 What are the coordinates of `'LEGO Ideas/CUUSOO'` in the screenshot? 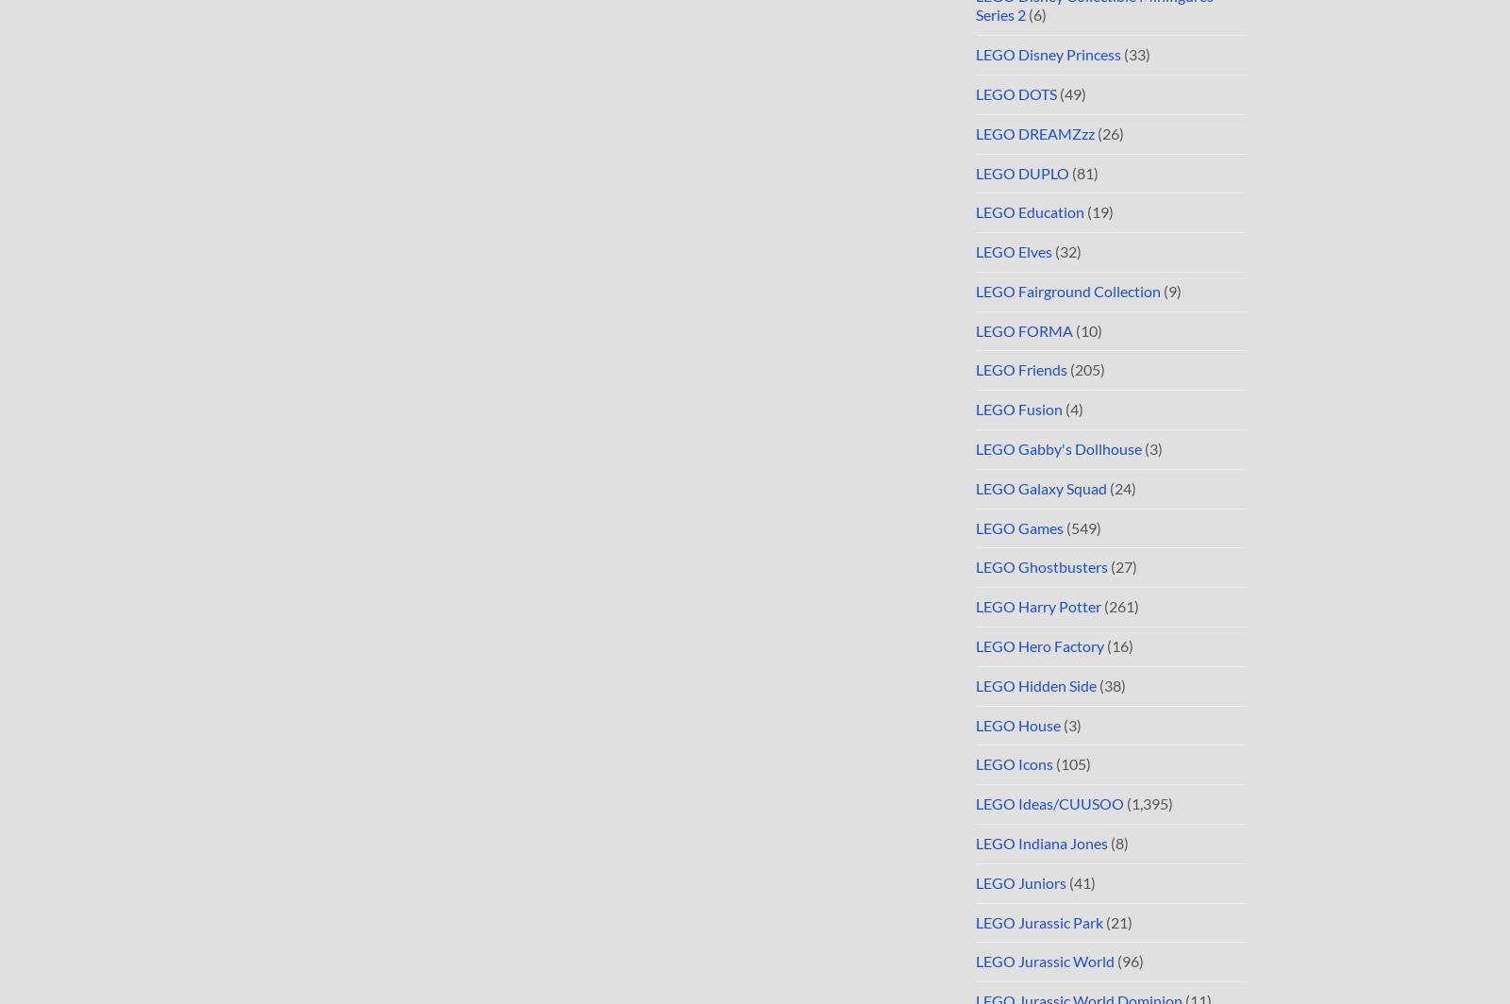 It's located at (1049, 803).